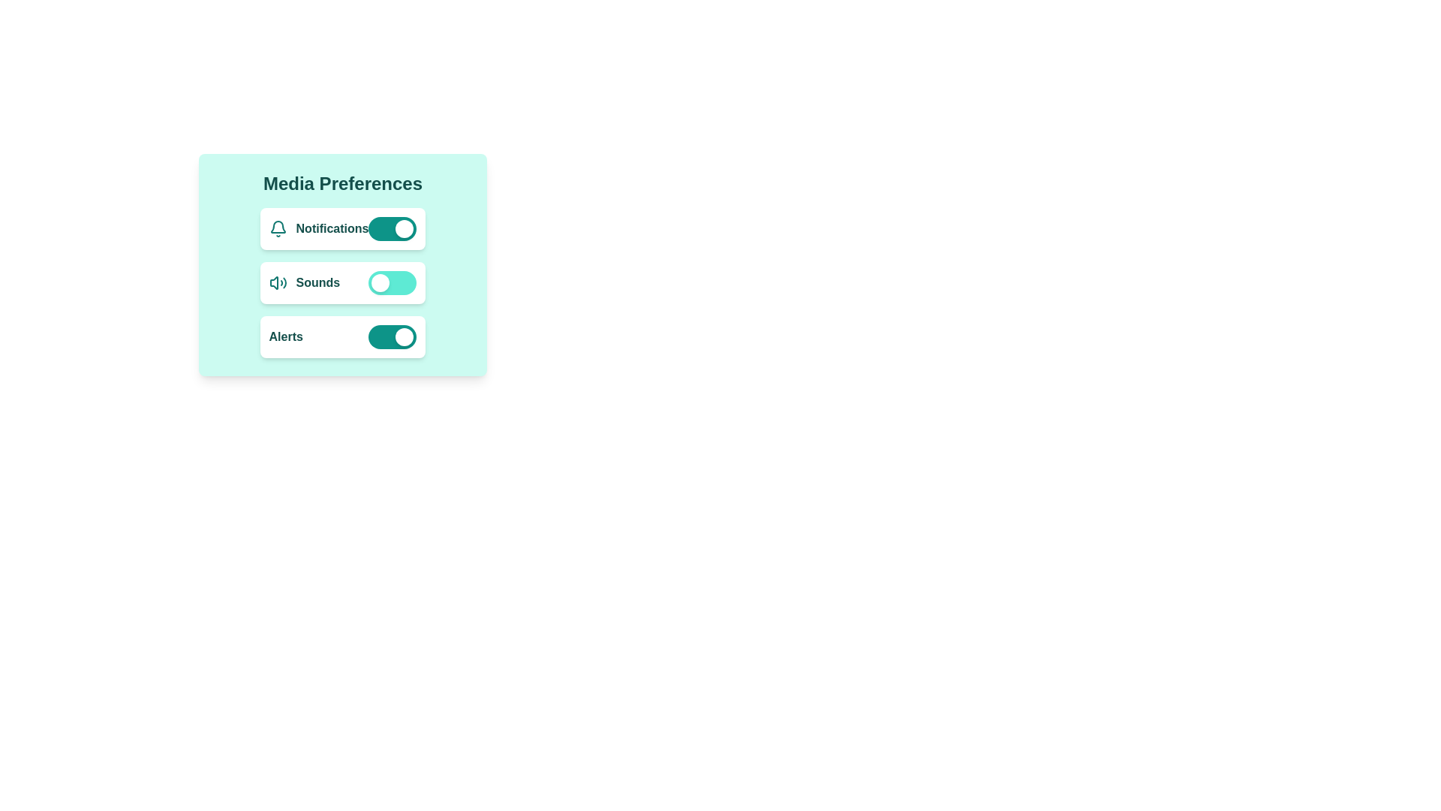 This screenshot has width=1441, height=811. I want to click on the teal speaker icon representing sound settings, located in the 'Sounds' row between the label 'Sounds' and the toggle switch, so click(278, 283).